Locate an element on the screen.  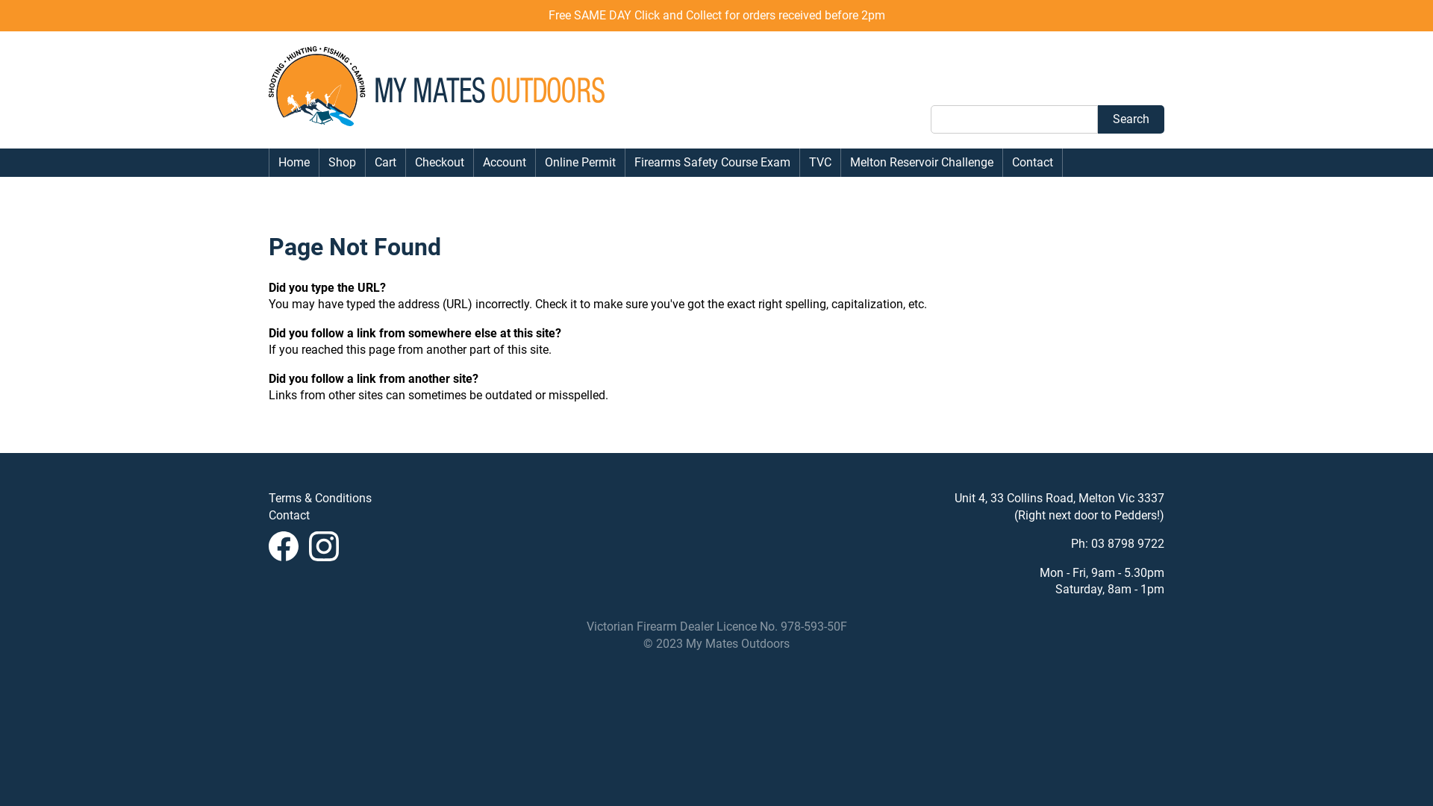
'Melton Reservoir Challenge' is located at coordinates (920, 163).